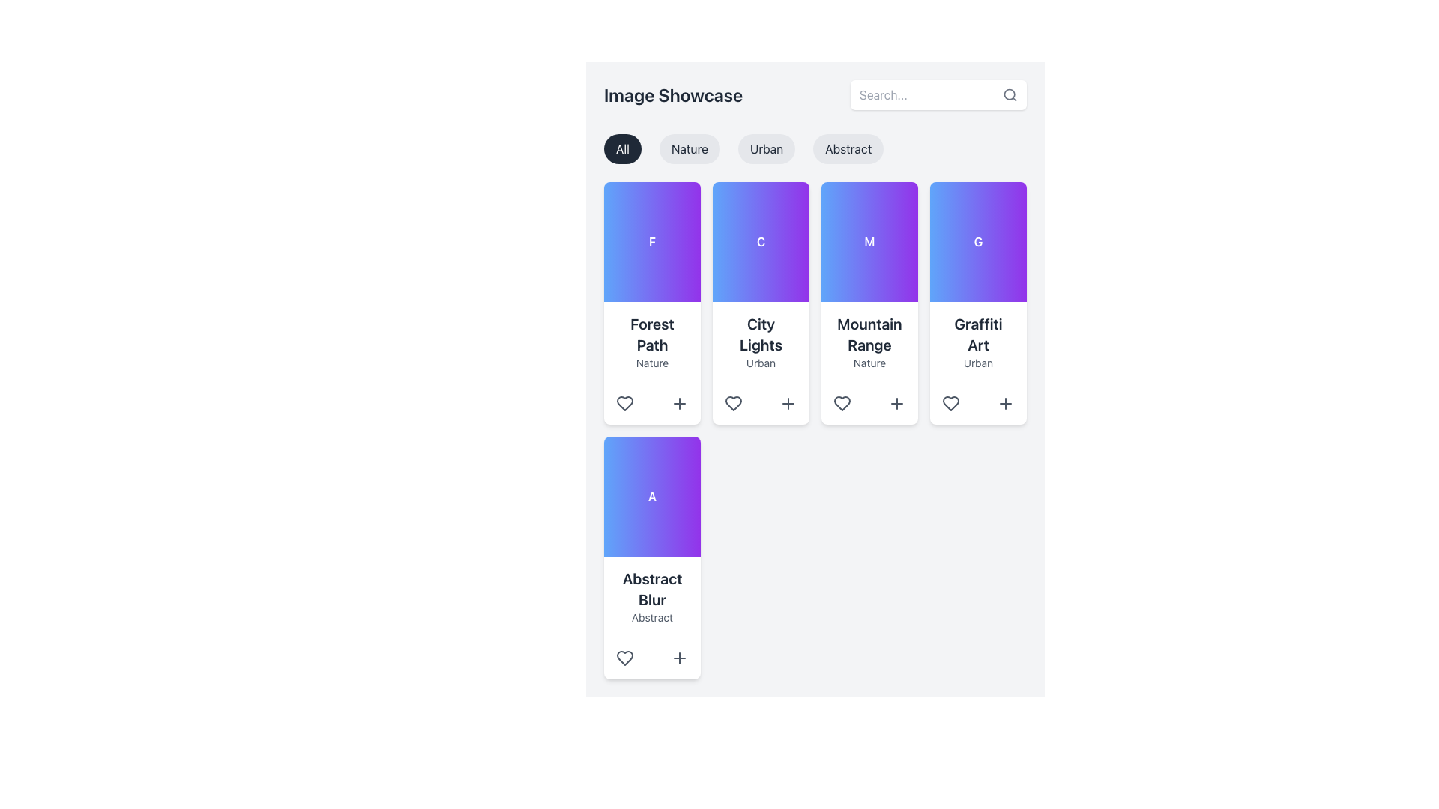  What do you see at coordinates (896, 403) in the screenshot?
I see `the '+' icon located in the 'Mountain Range' card, positioned to the right of the heart icon at the bottom` at bounding box center [896, 403].